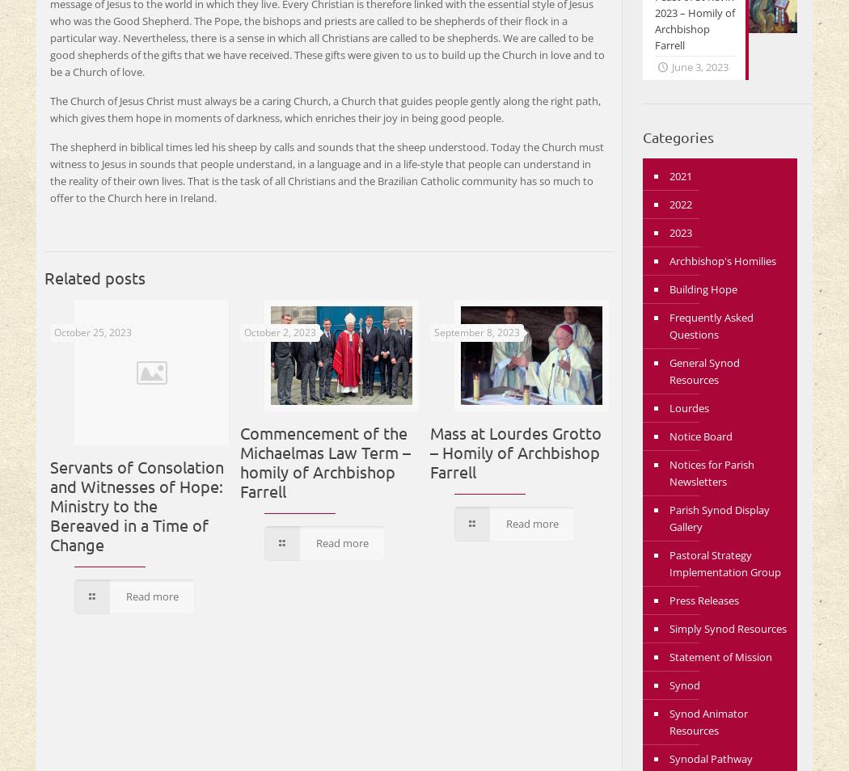  I want to click on 'Notices for Parish Newsletters', so click(711, 472).